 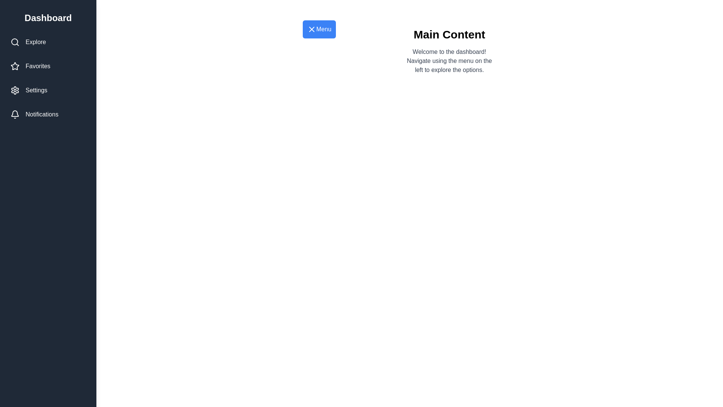 What do you see at coordinates (15, 115) in the screenshot?
I see `the bell icon located in the sidebar next to the 'Notifications' text` at bounding box center [15, 115].